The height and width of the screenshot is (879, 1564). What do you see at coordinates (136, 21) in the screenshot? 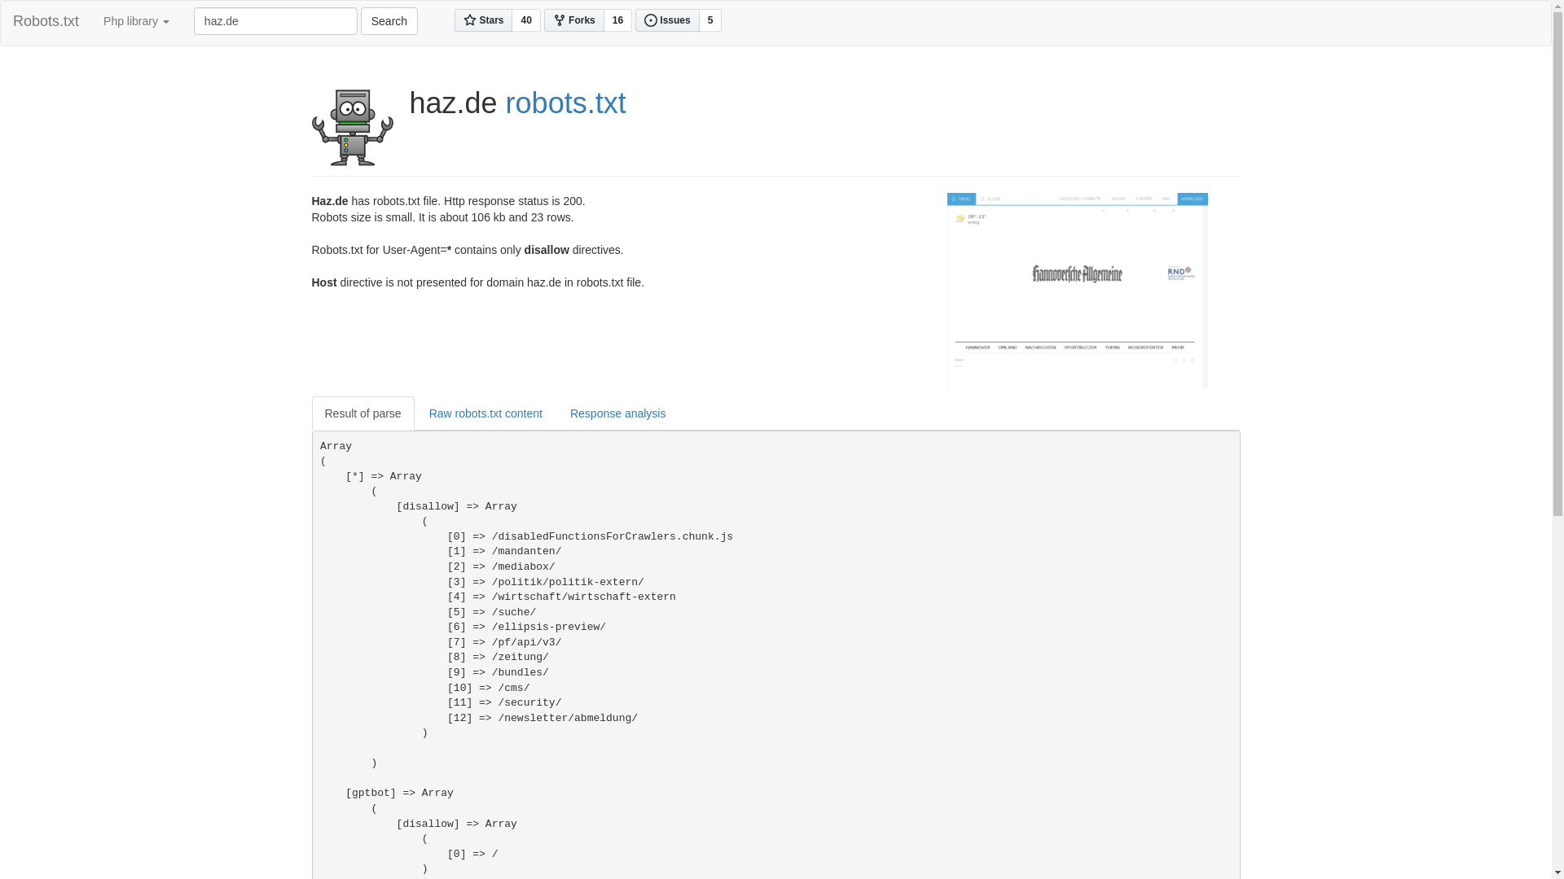
I see `'Php library'` at bounding box center [136, 21].